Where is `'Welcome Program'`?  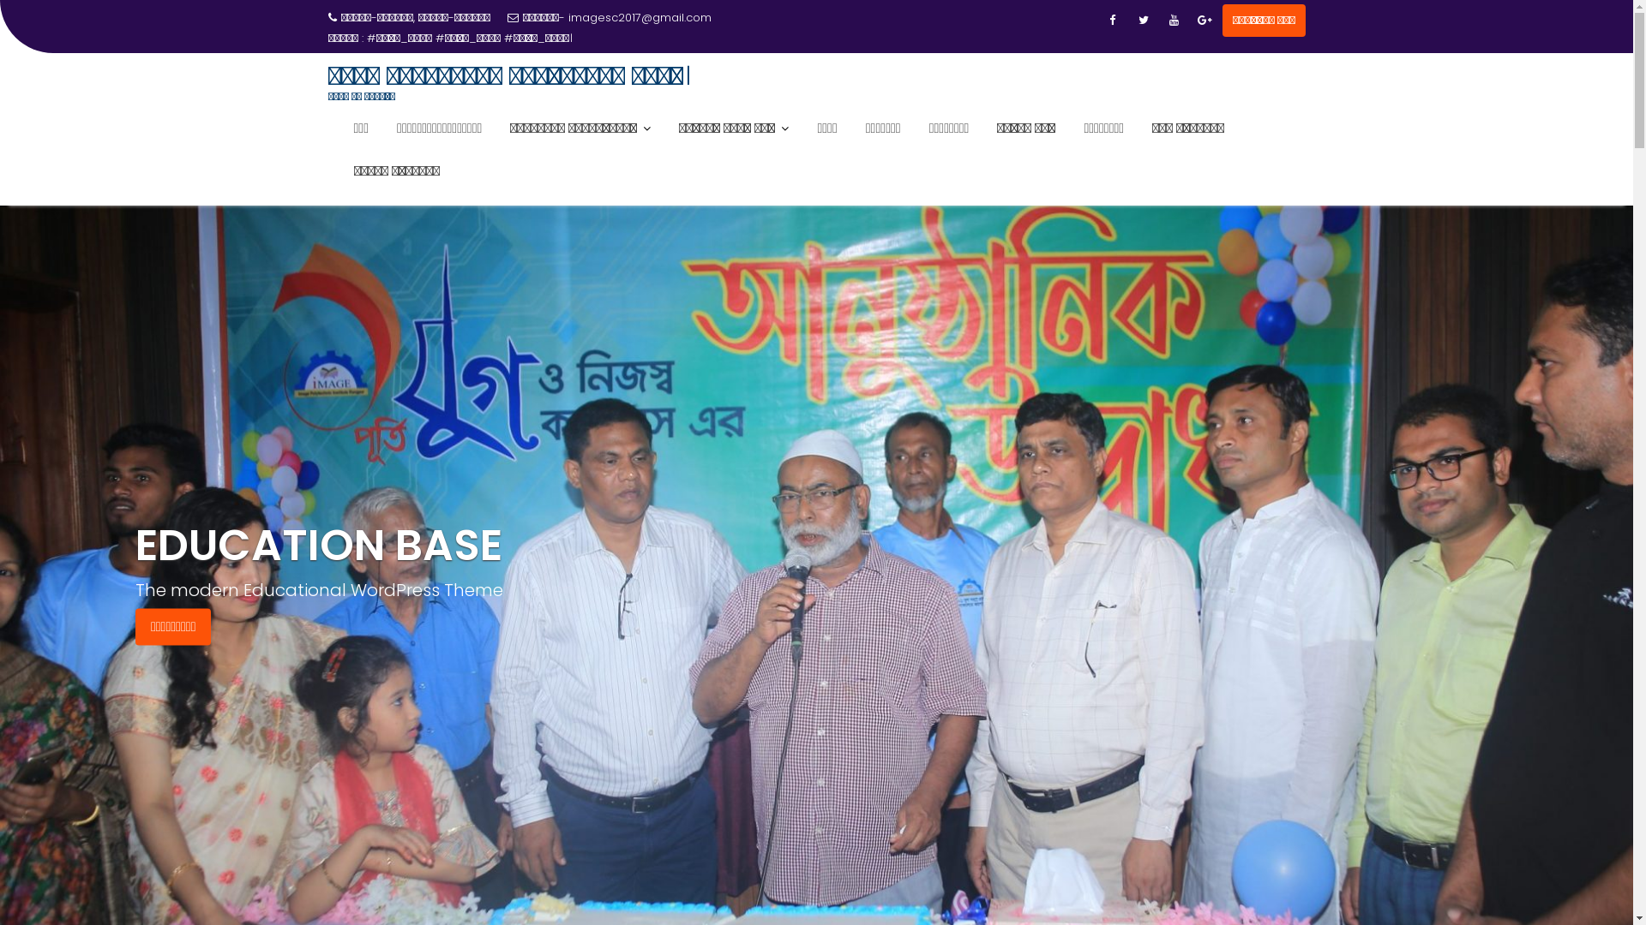 'Welcome Program' is located at coordinates (419, 39).